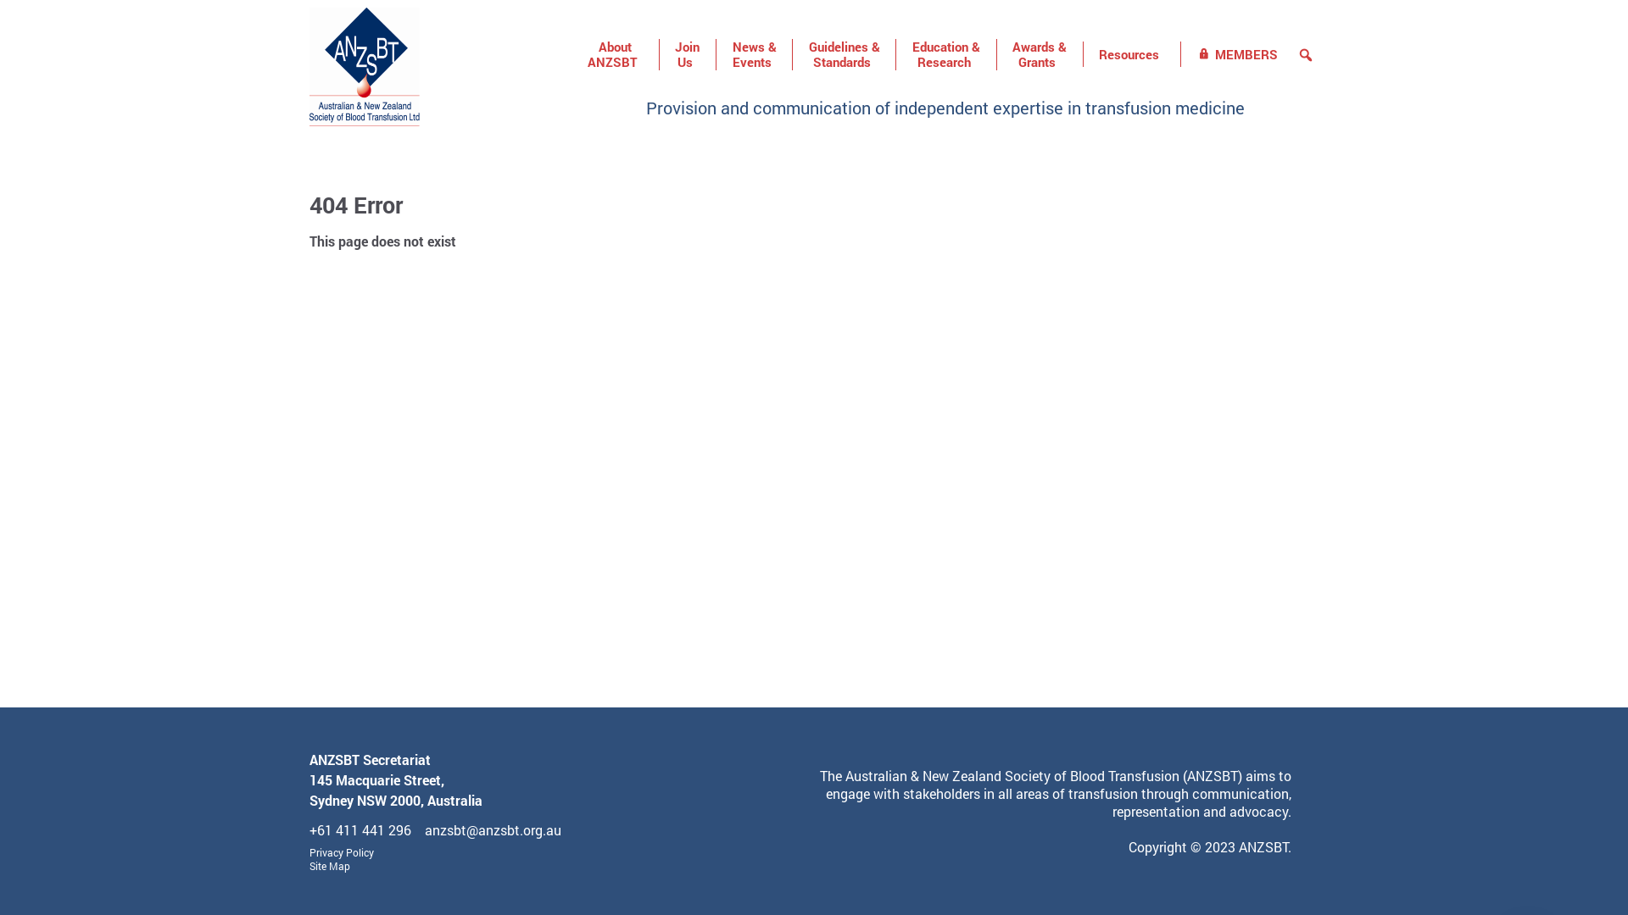  Describe the element at coordinates (792, 54) in the screenshot. I see `'Guidelines &` at that location.